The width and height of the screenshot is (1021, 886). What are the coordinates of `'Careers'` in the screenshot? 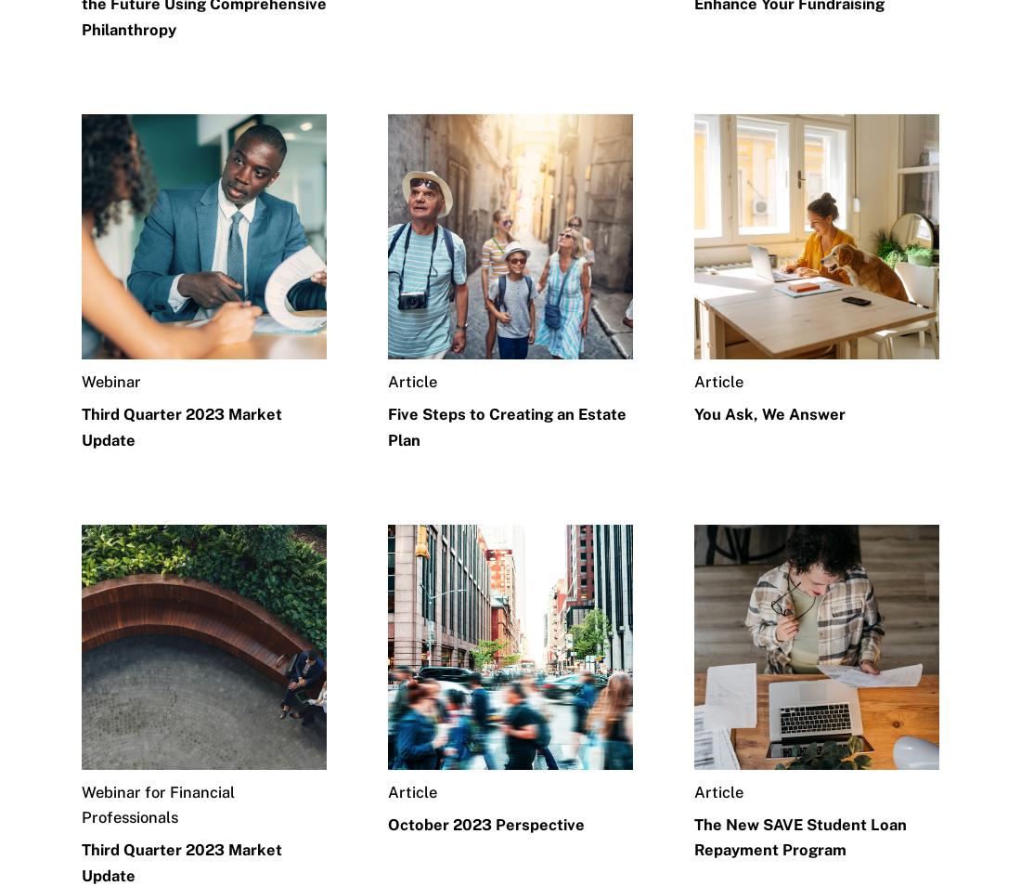 It's located at (301, 698).